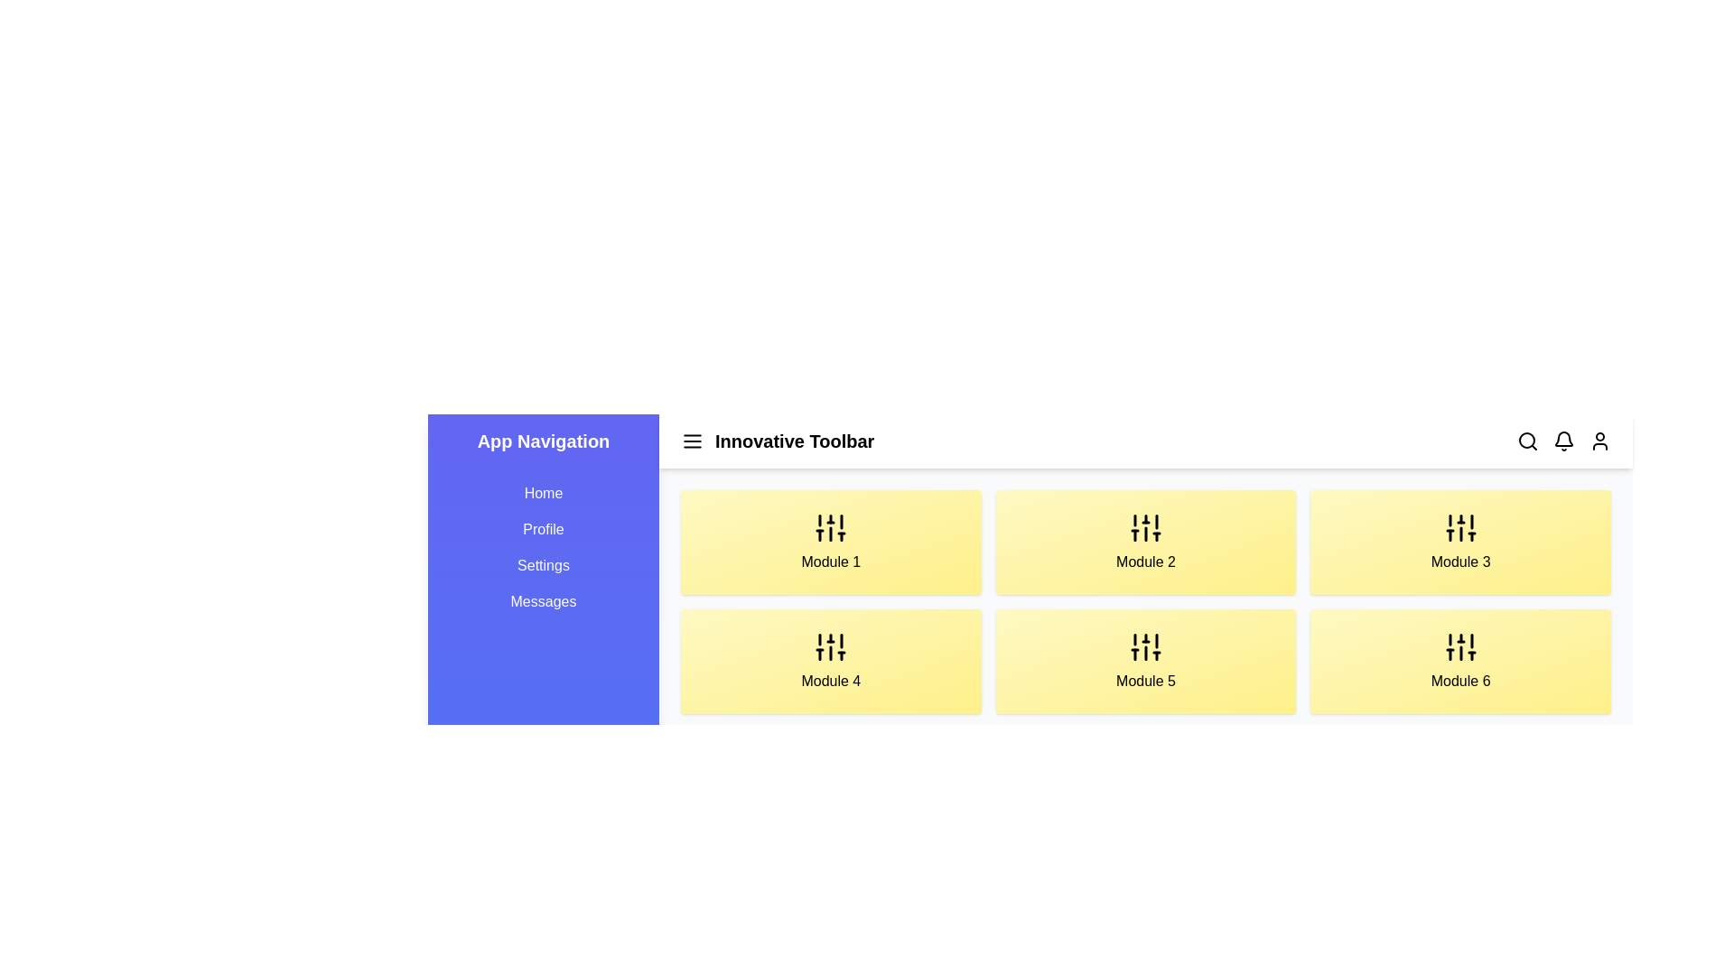 The height and width of the screenshot is (975, 1734). What do you see at coordinates (542, 494) in the screenshot?
I see `the navigation link labeled Home` at bounding box center [542, 494].